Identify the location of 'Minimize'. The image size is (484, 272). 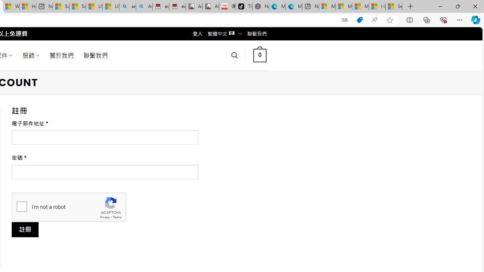
(440, 6).